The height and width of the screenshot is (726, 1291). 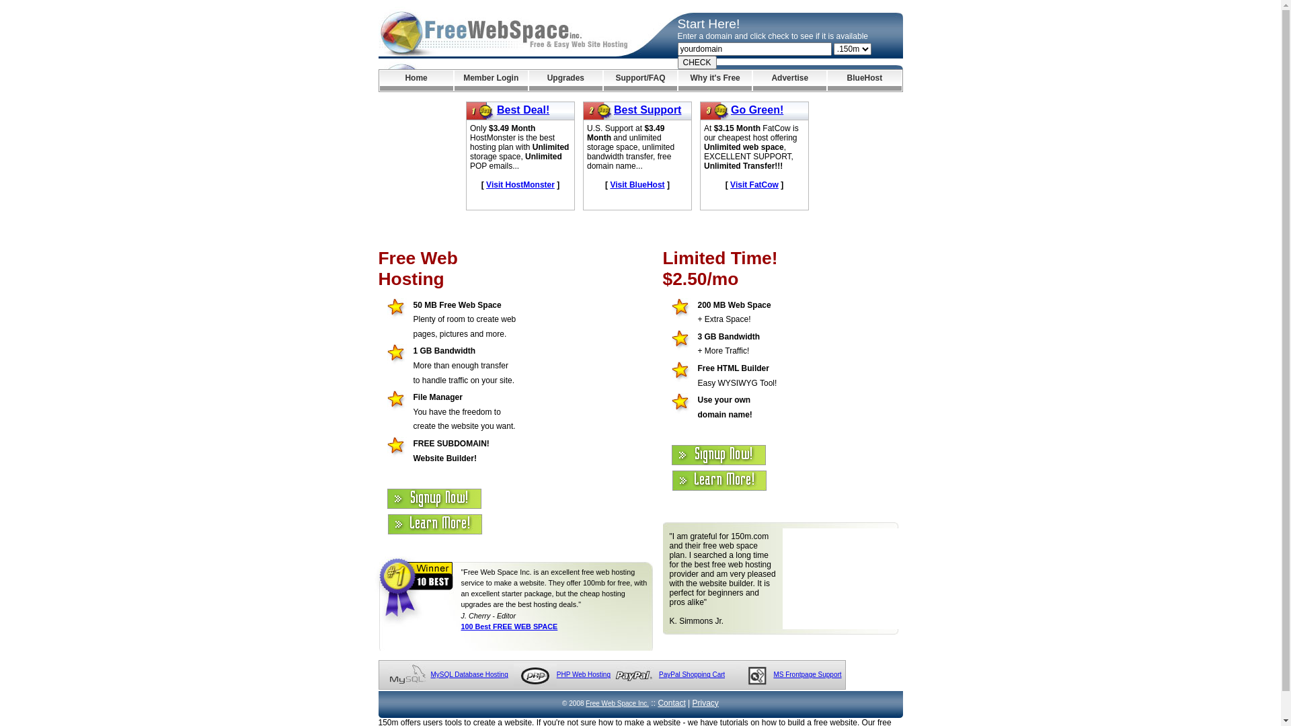 What do you see at coordinates (490, 80) in the screenshot?
I see `'Member Login'` at bounding box center [490, 80].